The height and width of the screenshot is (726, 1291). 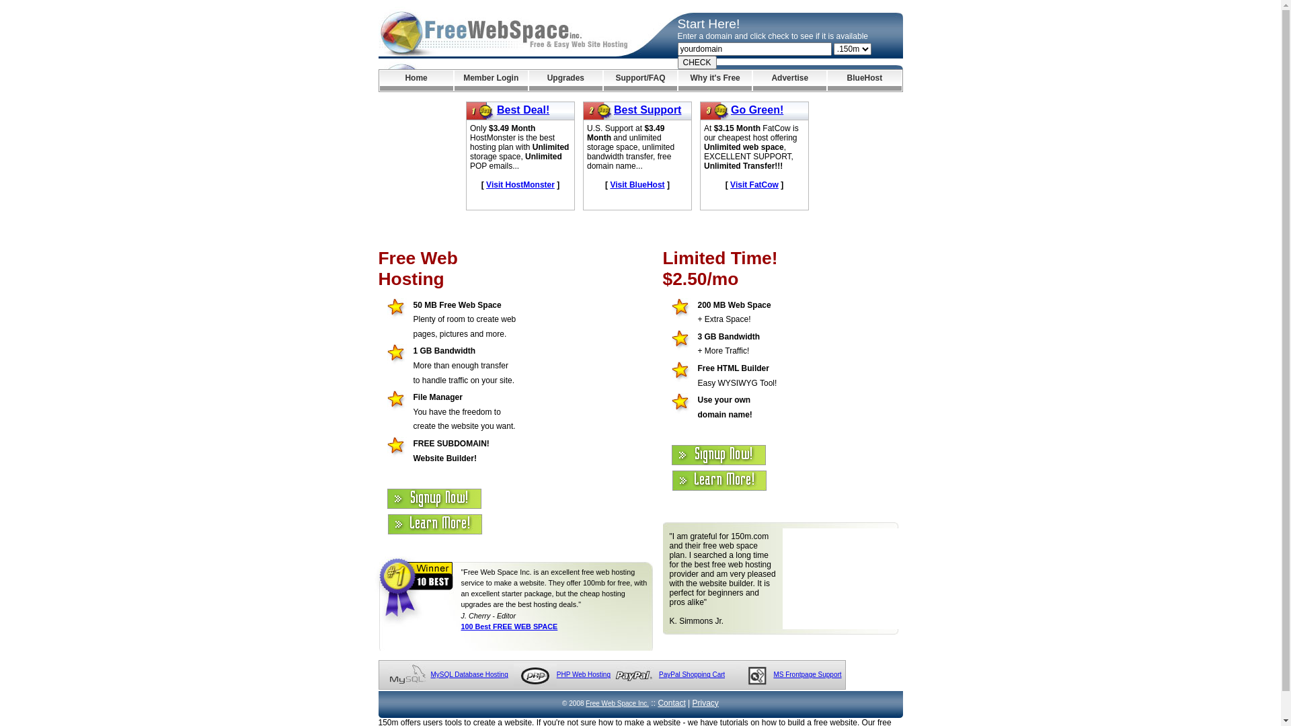 What do you see at coordinates (490, 80) in the screenshot?
I see `'Member Login'` at bounding box center [490, 80].